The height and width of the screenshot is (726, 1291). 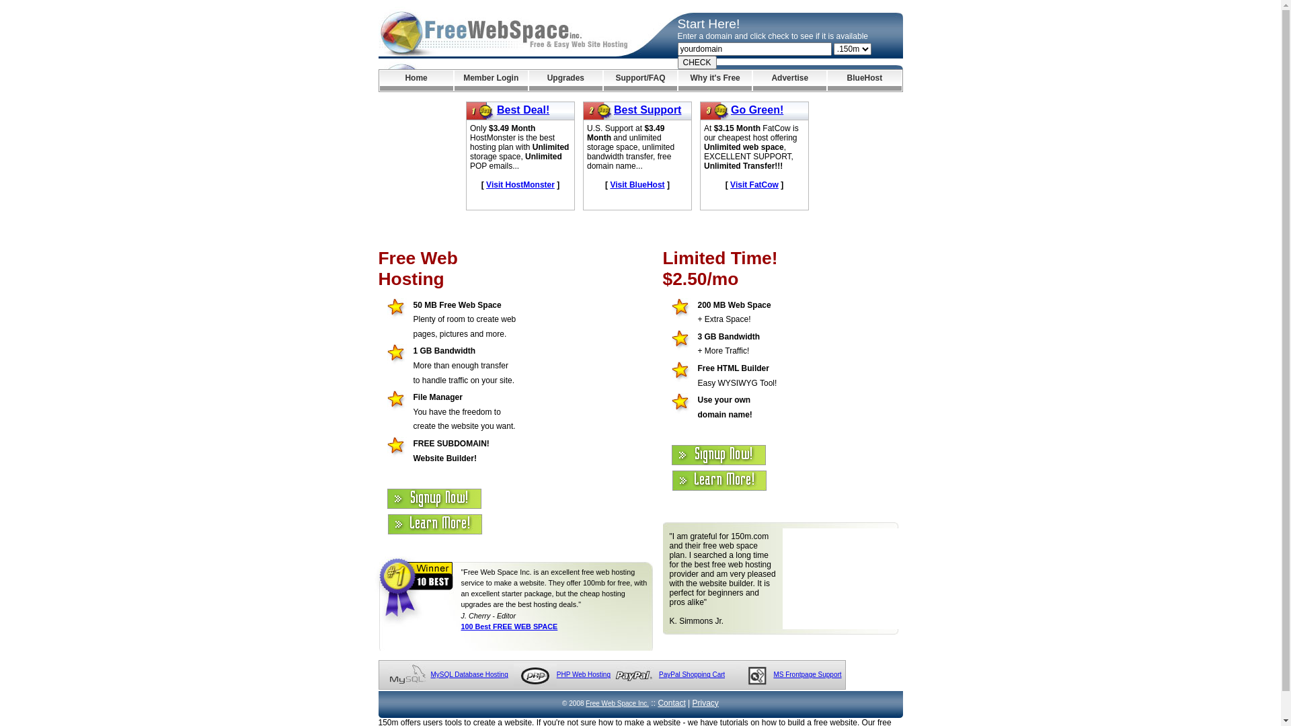 What do you see at coordinates (490, 80) in the screenshot?
I see `'Member Login'` at bounding box center [490, 80].